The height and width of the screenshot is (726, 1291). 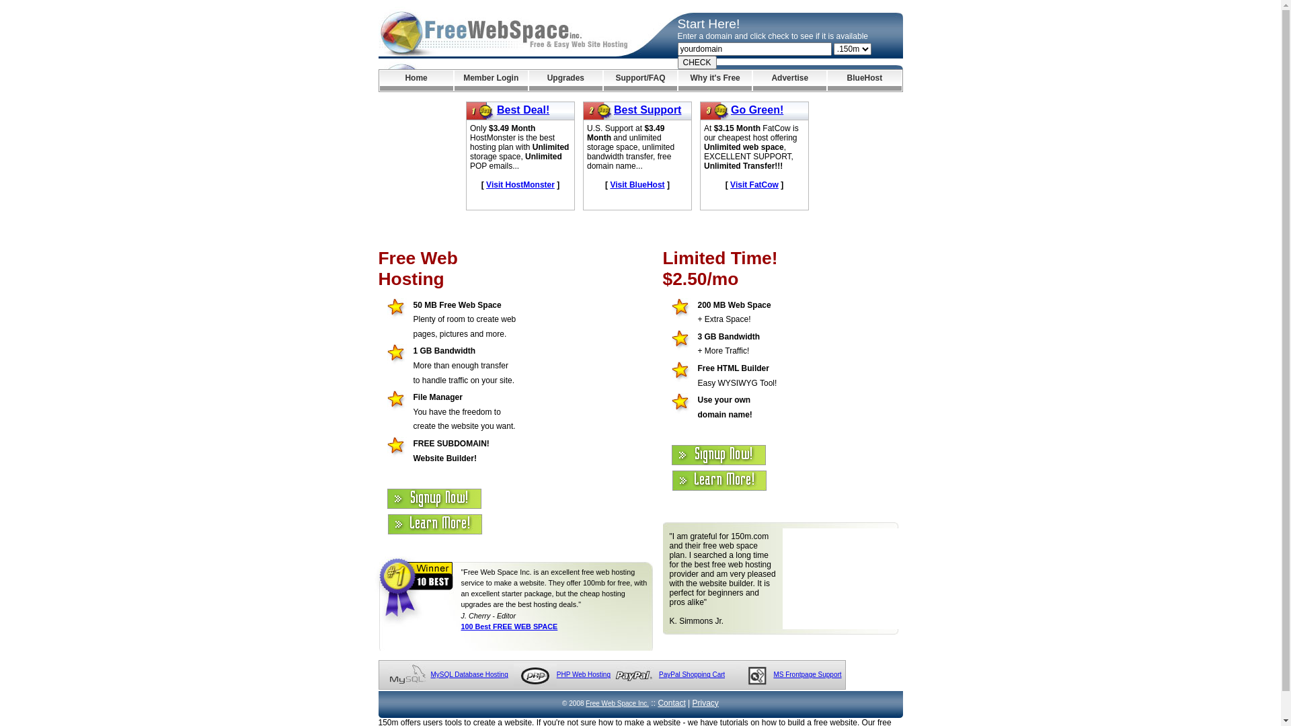 What do you see at coordinates (490, 80) in the screenshot?
I see `'Member Login'` at bounding box center [490, 80].